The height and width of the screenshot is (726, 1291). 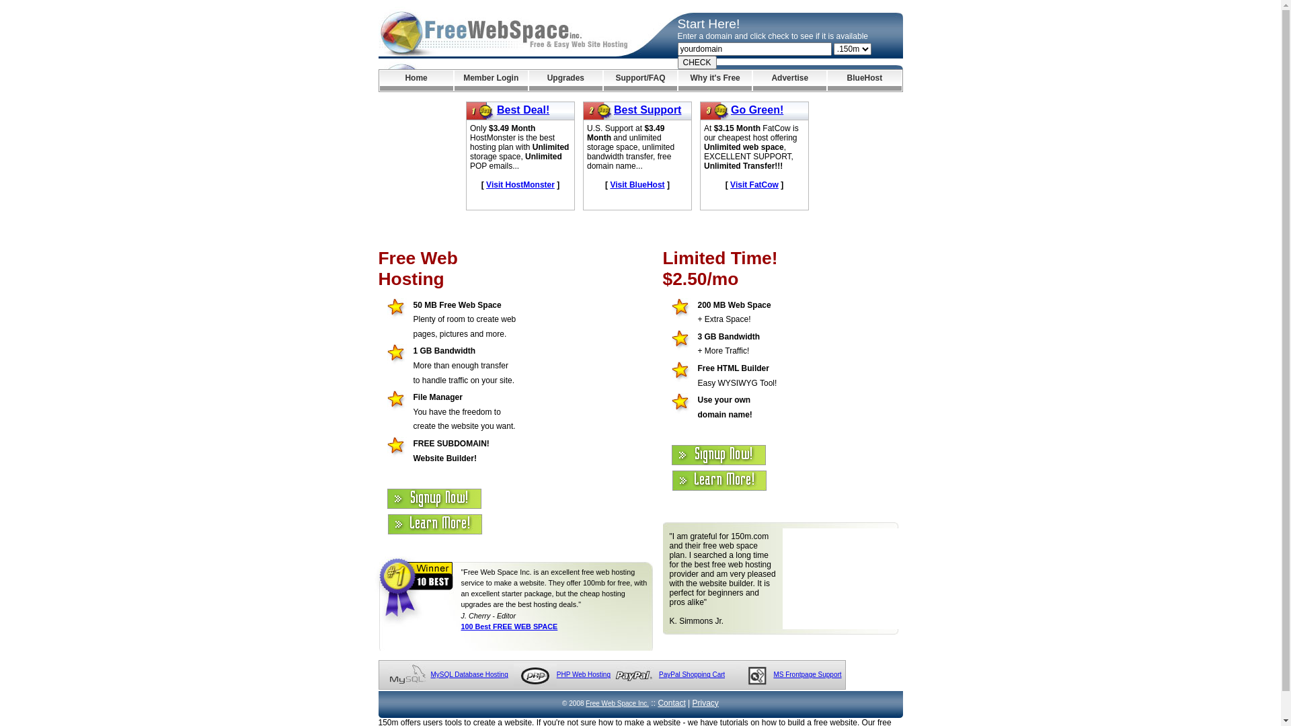 What do you see at coordinates (490, 80) in the screenshot?
I see `'Member Login'` at bounding box center [490, 80].